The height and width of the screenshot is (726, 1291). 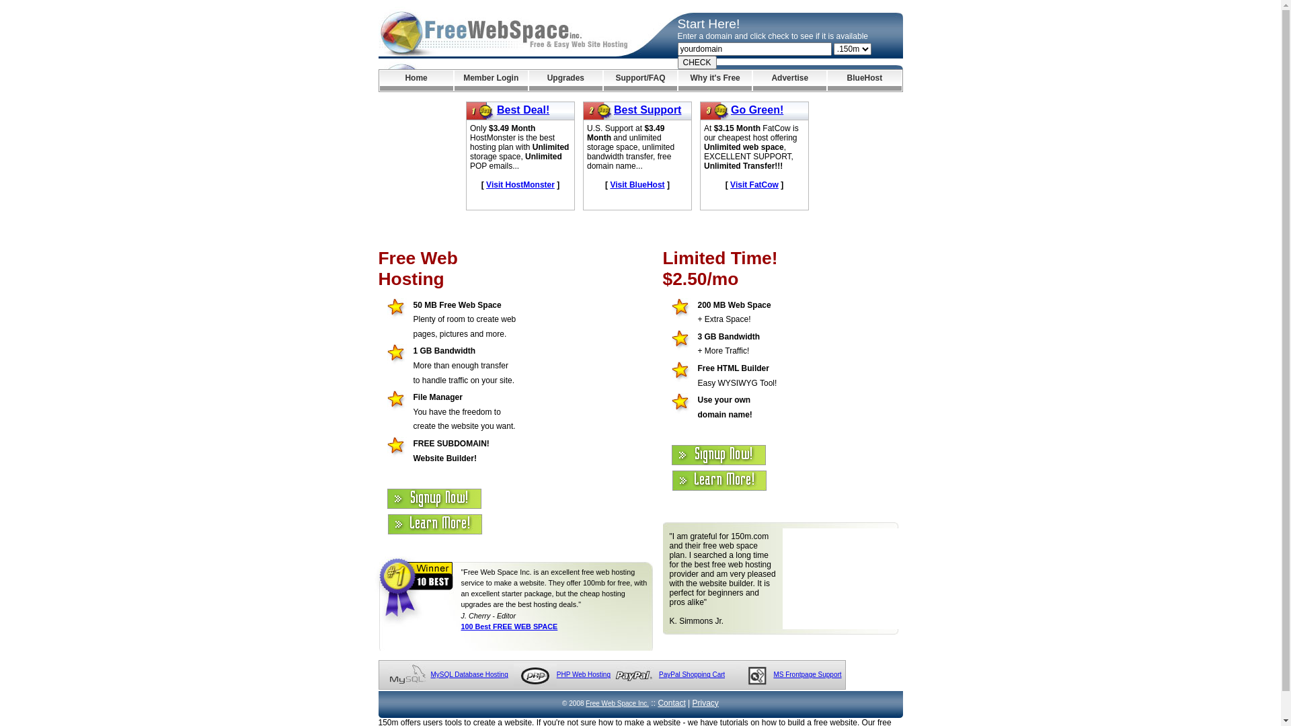 What do you see at coordinates (490, 80) in the screenshot?
I see `'Member Login'` at bounding box center [490, 80].